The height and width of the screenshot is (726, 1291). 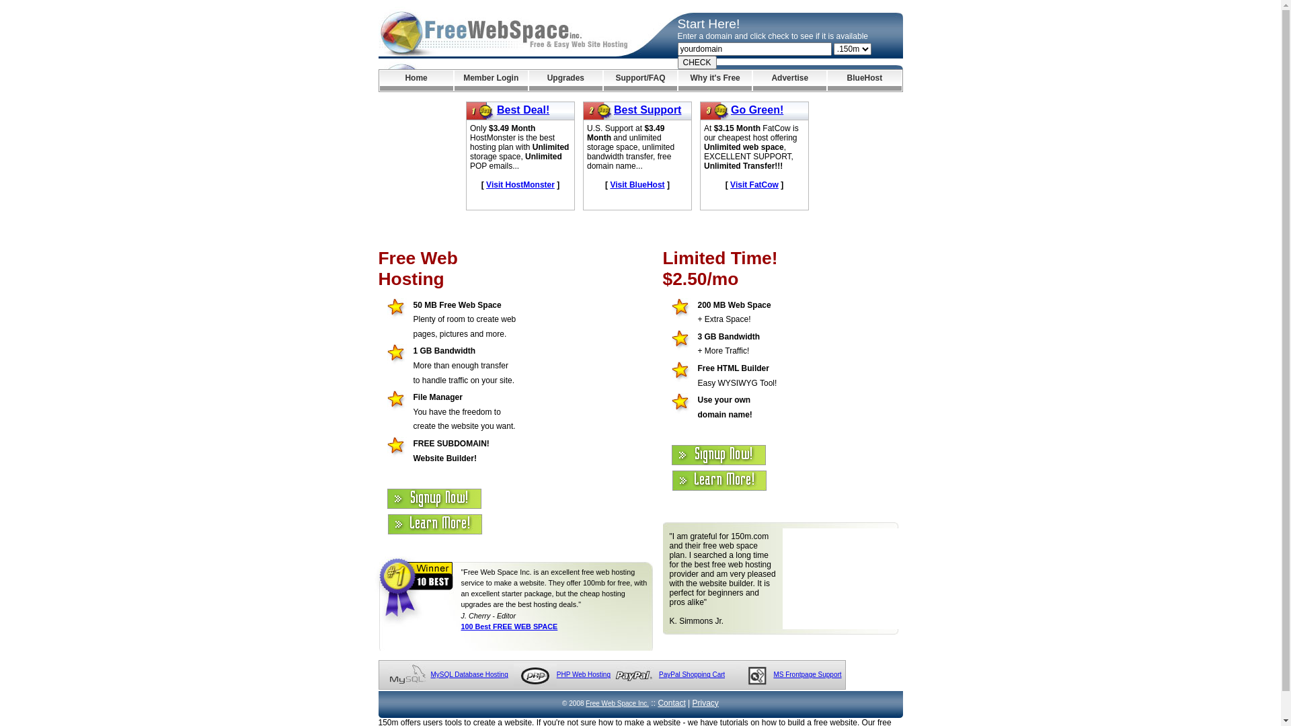 What do you see at coordinates (490, 80) in the screenshot?
I see `'Member Login'` at bounding box center [490, 80].